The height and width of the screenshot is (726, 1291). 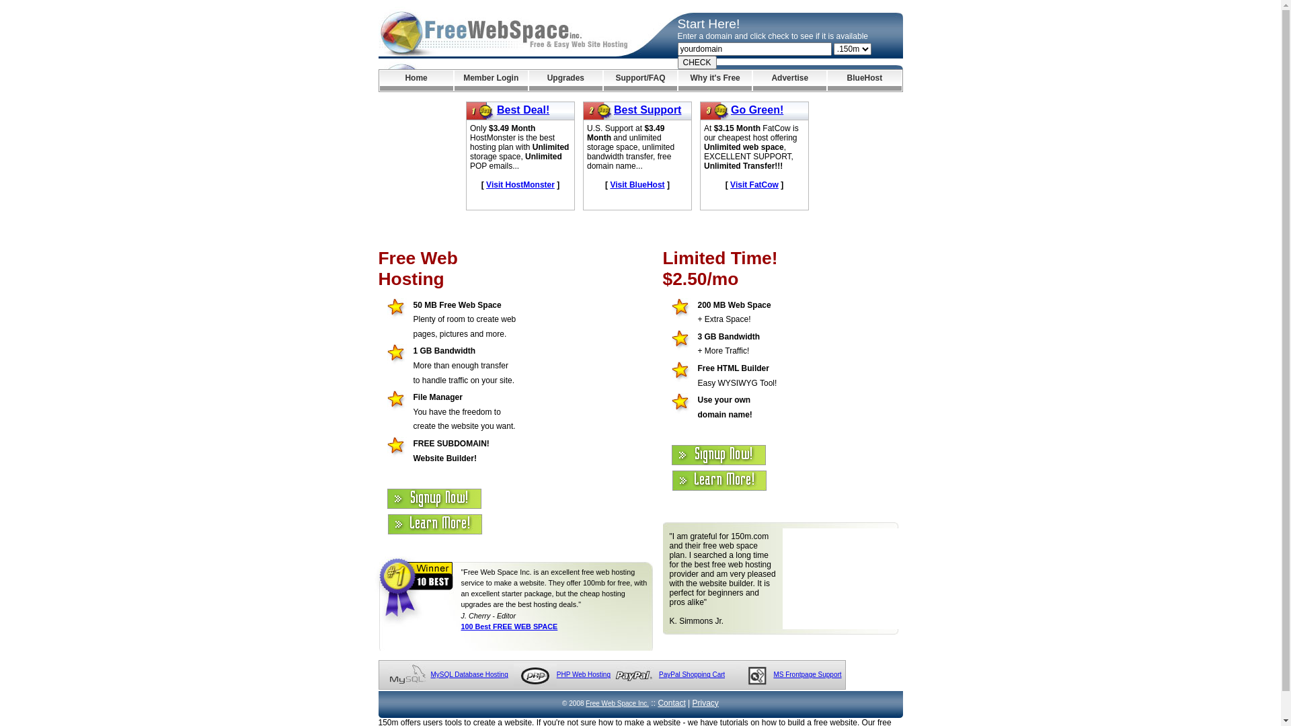 What do you see at coordinates (490, 80) in the screenshot?
I see `'Member Login'` at bounding box center [490, 80].